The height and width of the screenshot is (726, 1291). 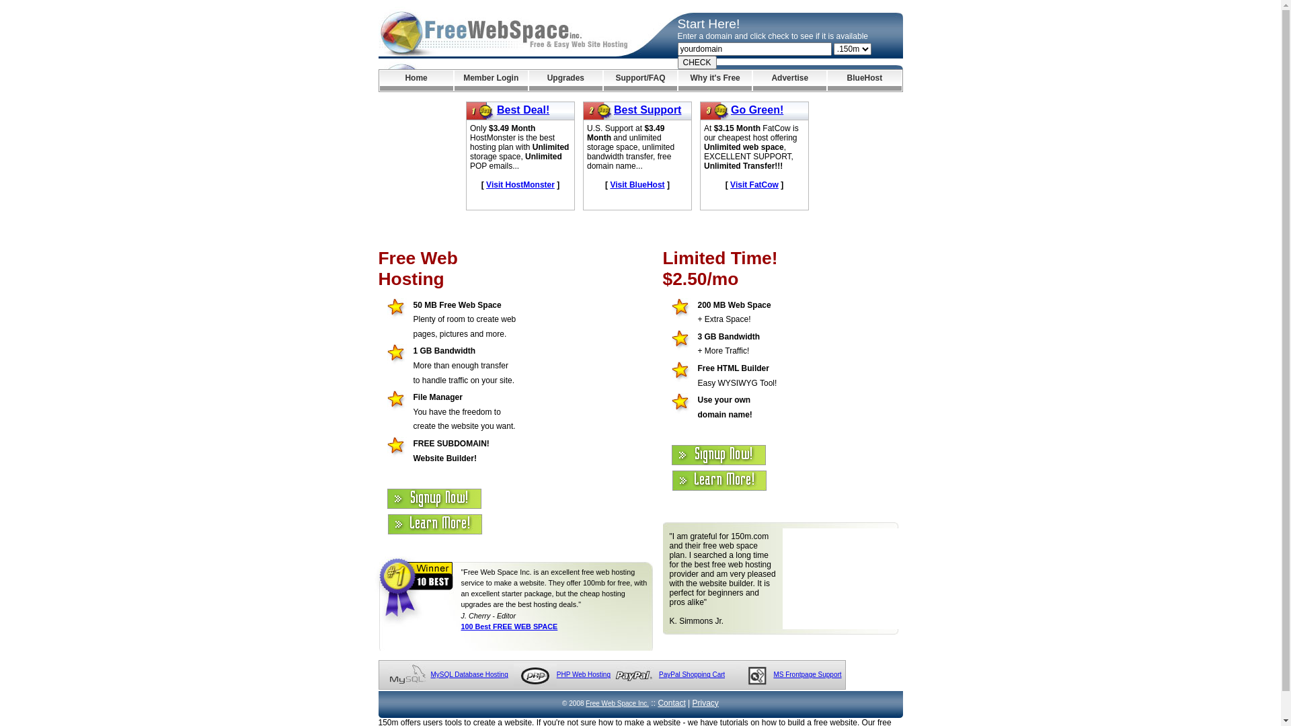 What do you see at coordinates (490, 80) in the screenshot?
I see `'Member Login'` at bounding box center [490, 80].